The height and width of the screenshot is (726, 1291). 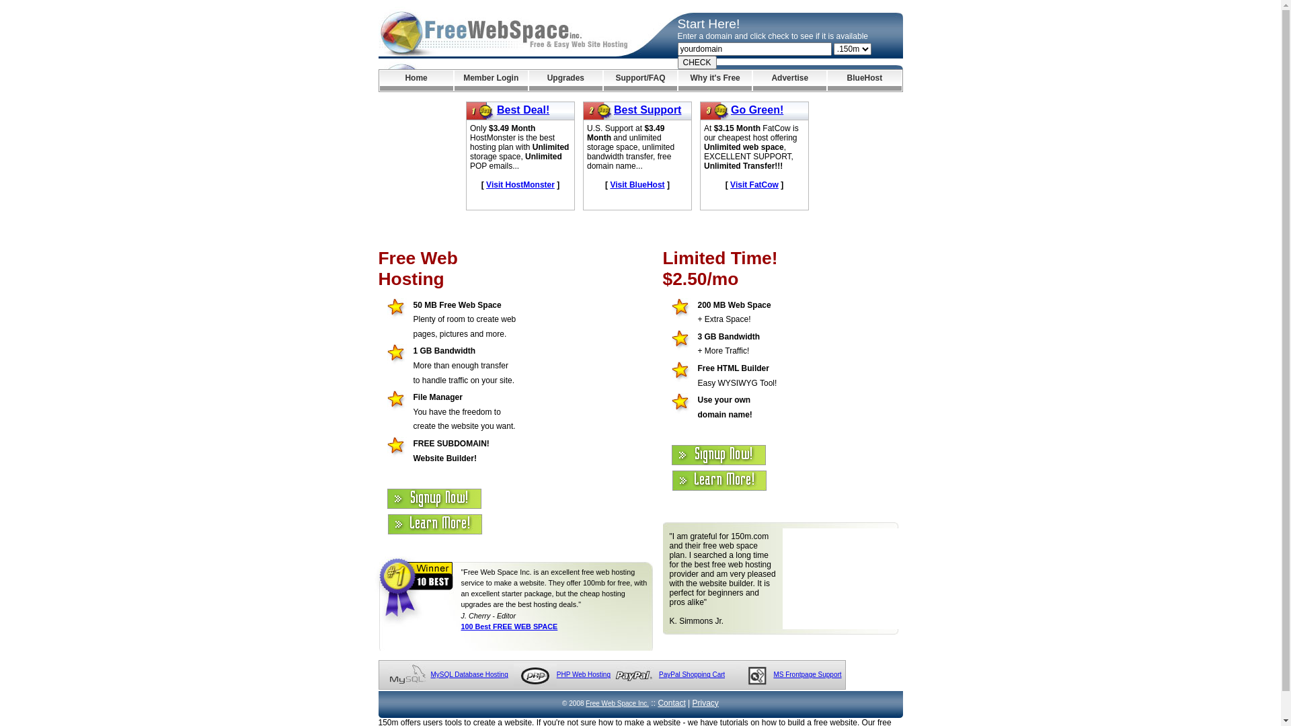 What do you see at coordinates (490, 80) in the screenshot?
I see `'Member Login'` at bounding box center [490, 80].